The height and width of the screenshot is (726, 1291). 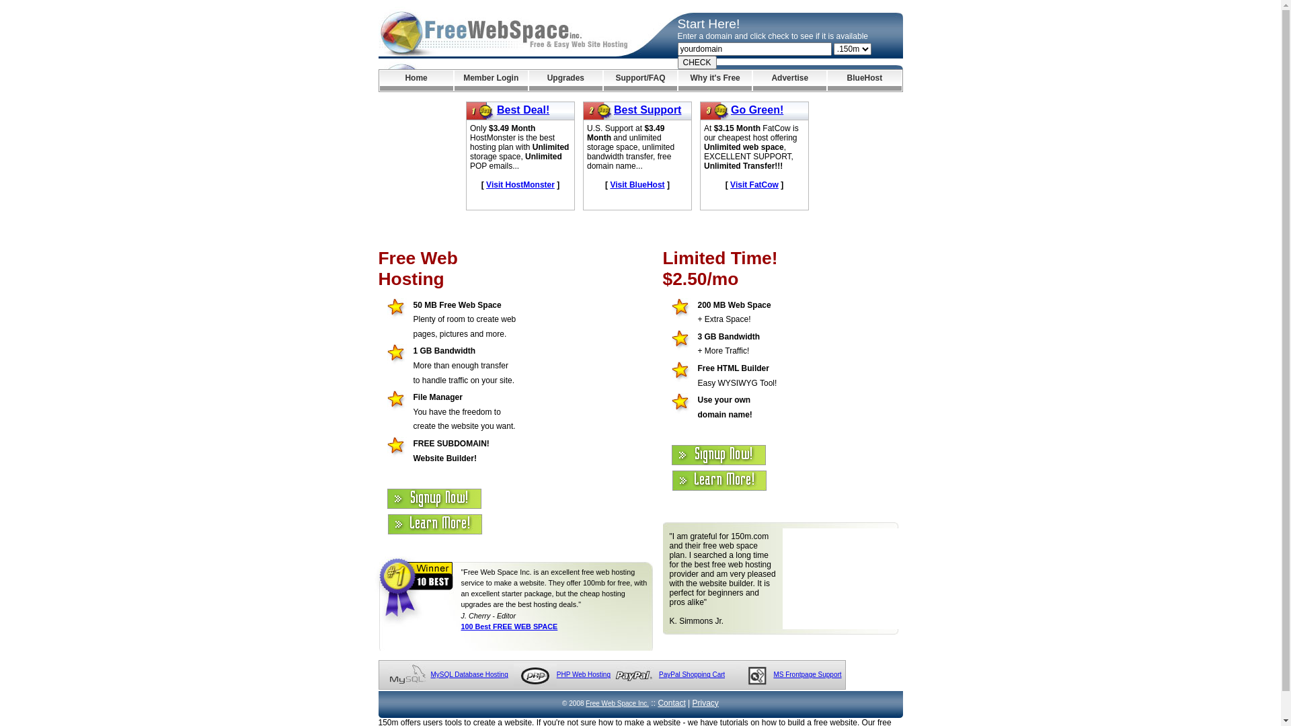 What do you see at coordinates (490, 80) in the screenshot?
I see `'Member Login'` at bounding box center [490, 80].